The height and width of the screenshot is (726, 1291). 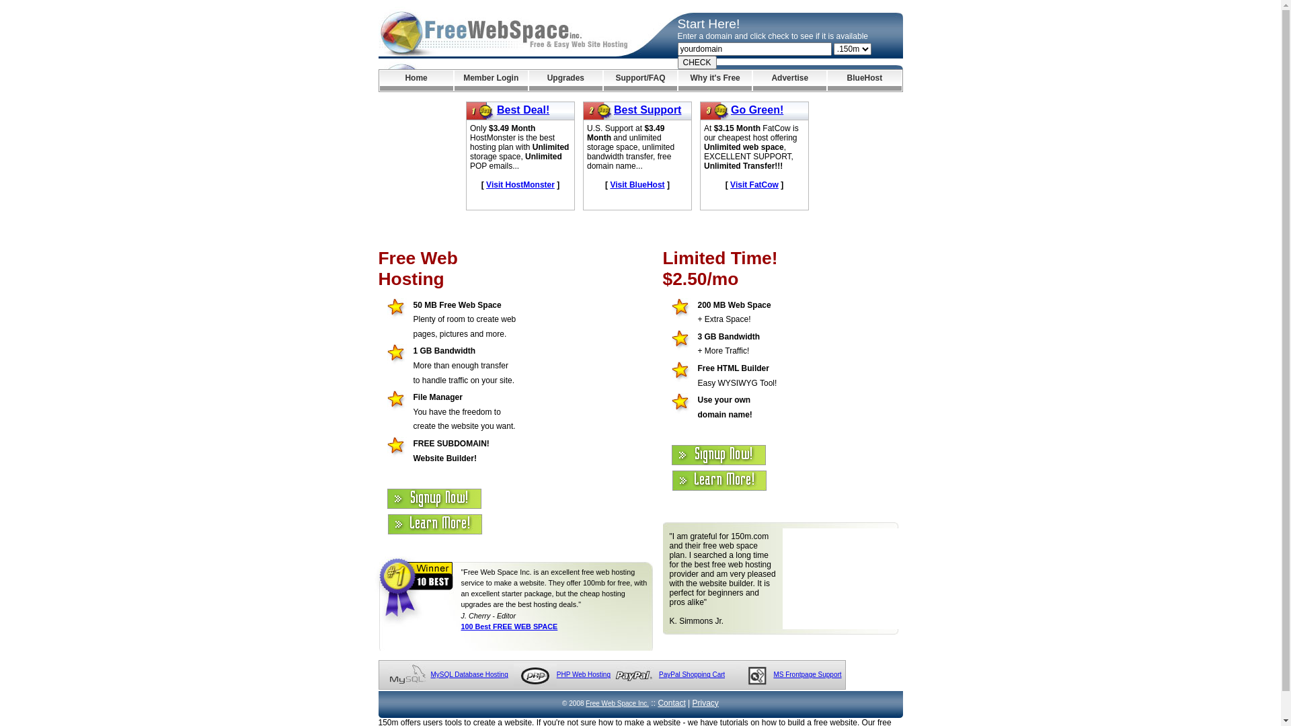 What do you see at coordinates (490, 80) in the screenshot?
I see `'Member Login'` at bounding box center [490, 80].